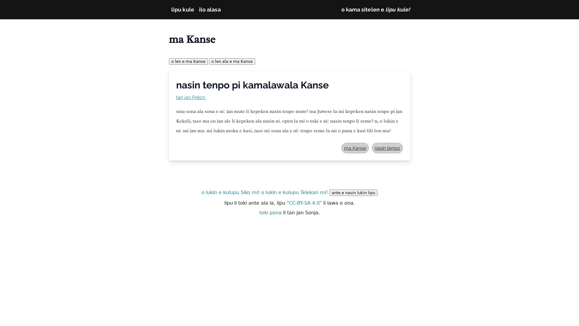  I want to click on ante e nasin lukin lipu, so click(353, 193).